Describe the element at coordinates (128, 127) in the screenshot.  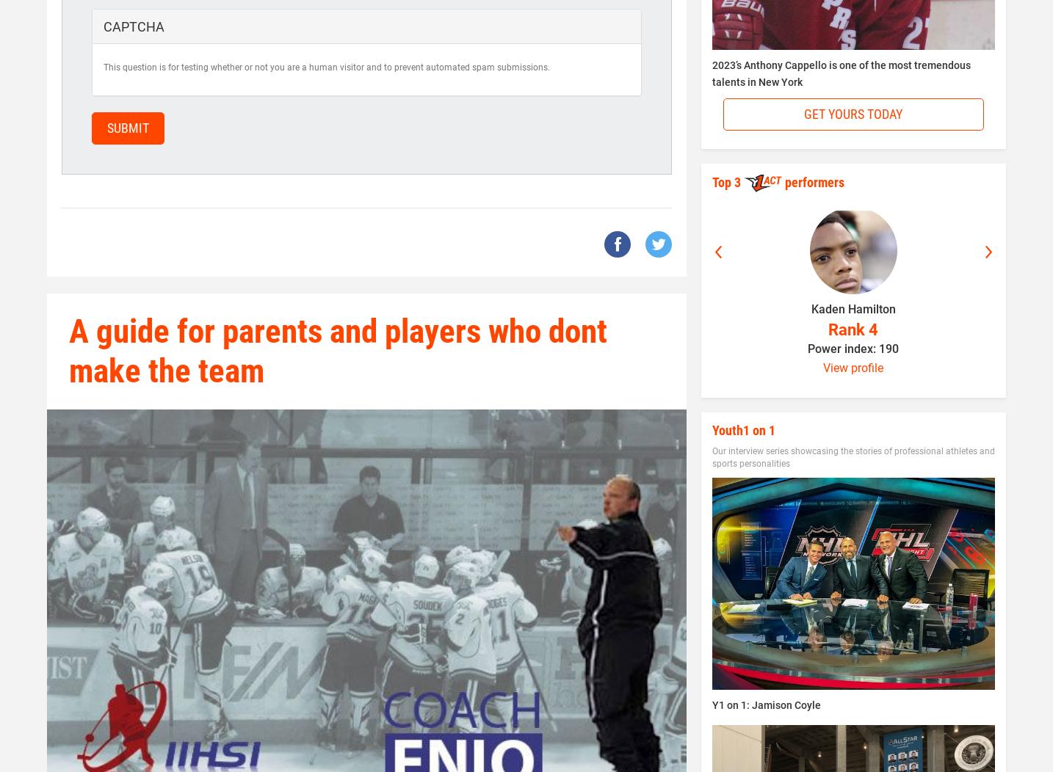
I see `'Submit'` at that location.